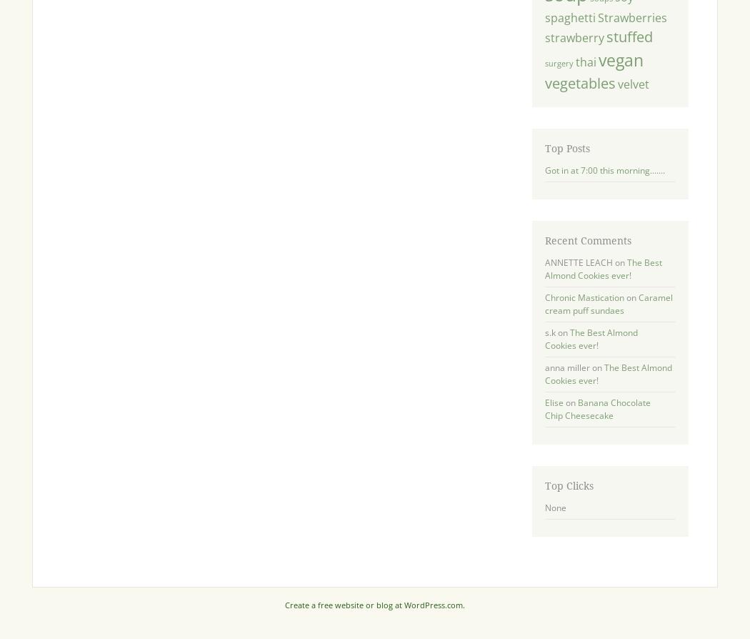 This screenshot has height=639, width=750. What do you see at coordinates (573, 367) in the screenshot?
I see `'anna miller on'` at bounding box center [573, 367].